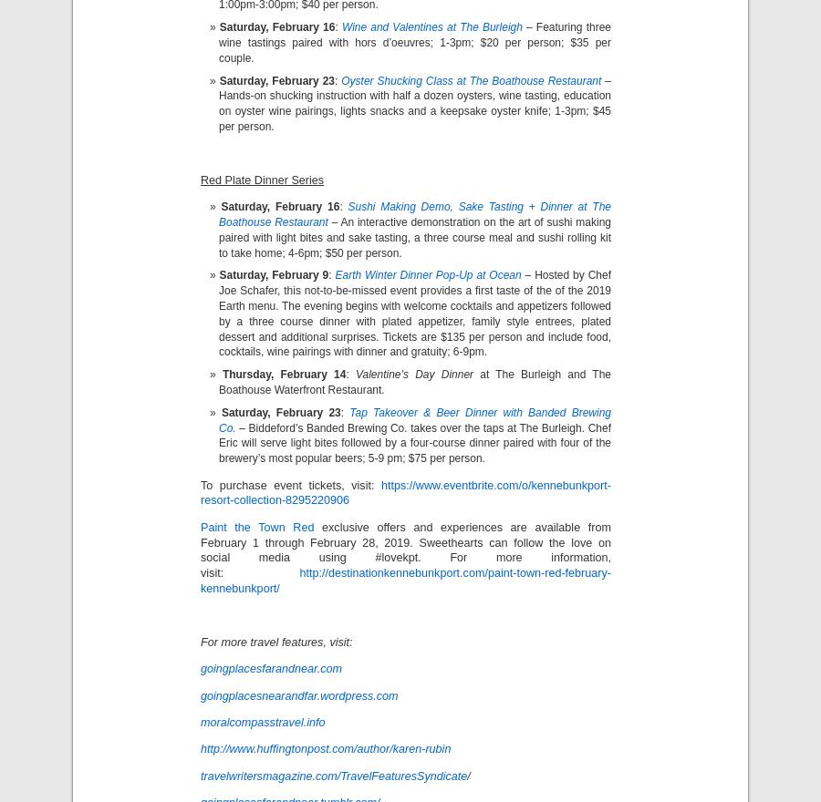 This screenshot has height=802, width=821. Describe the element at coordinates (200, 483) in the screenshot. I see `'To purchase event tickets, visit:'` at that location.